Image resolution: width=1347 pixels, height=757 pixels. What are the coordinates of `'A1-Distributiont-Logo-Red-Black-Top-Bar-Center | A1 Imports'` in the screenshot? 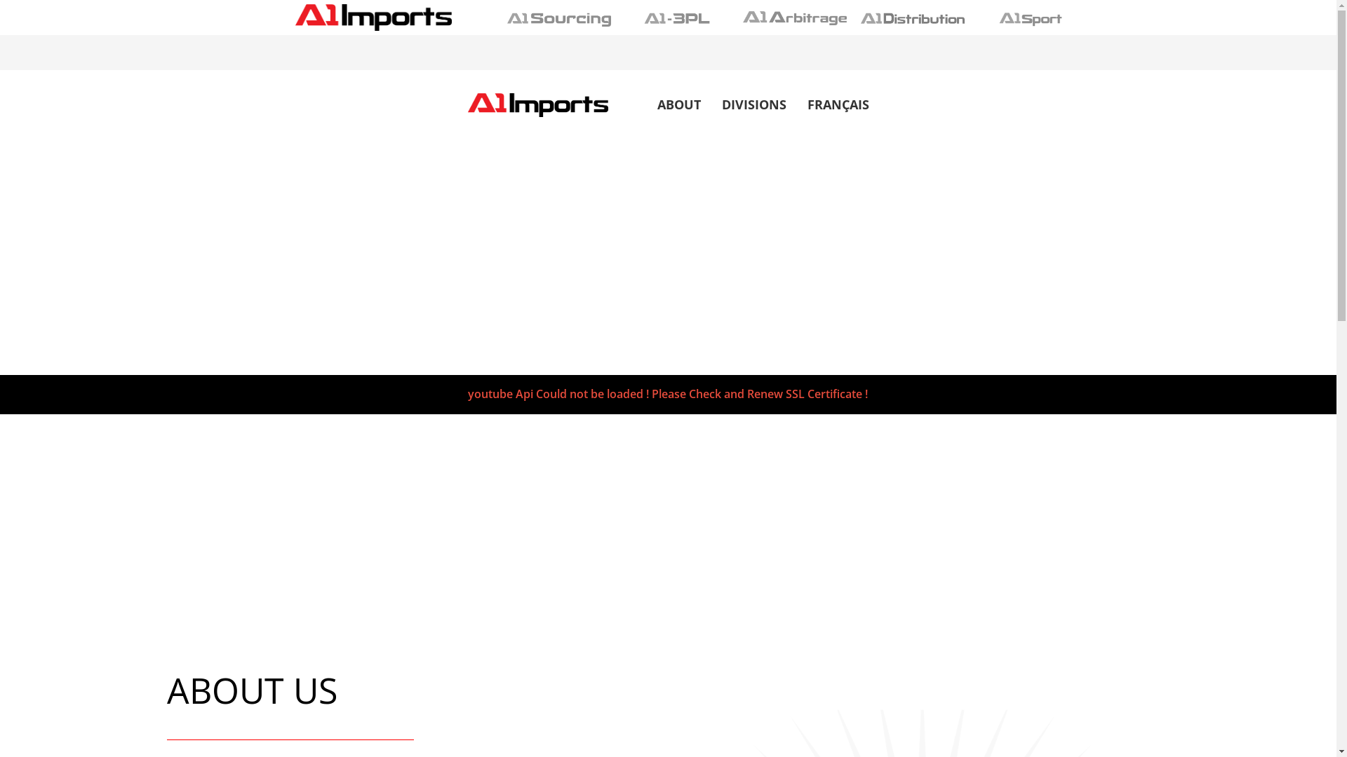 It's located at (912, 18).